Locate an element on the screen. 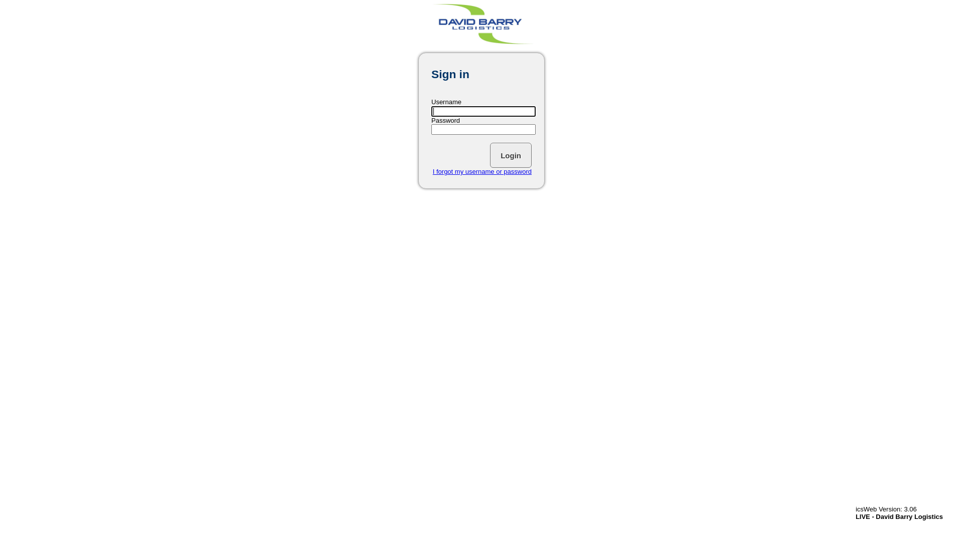 This screenshot has height=541, width=963. 'Login' is located at coordinates (490, 155).